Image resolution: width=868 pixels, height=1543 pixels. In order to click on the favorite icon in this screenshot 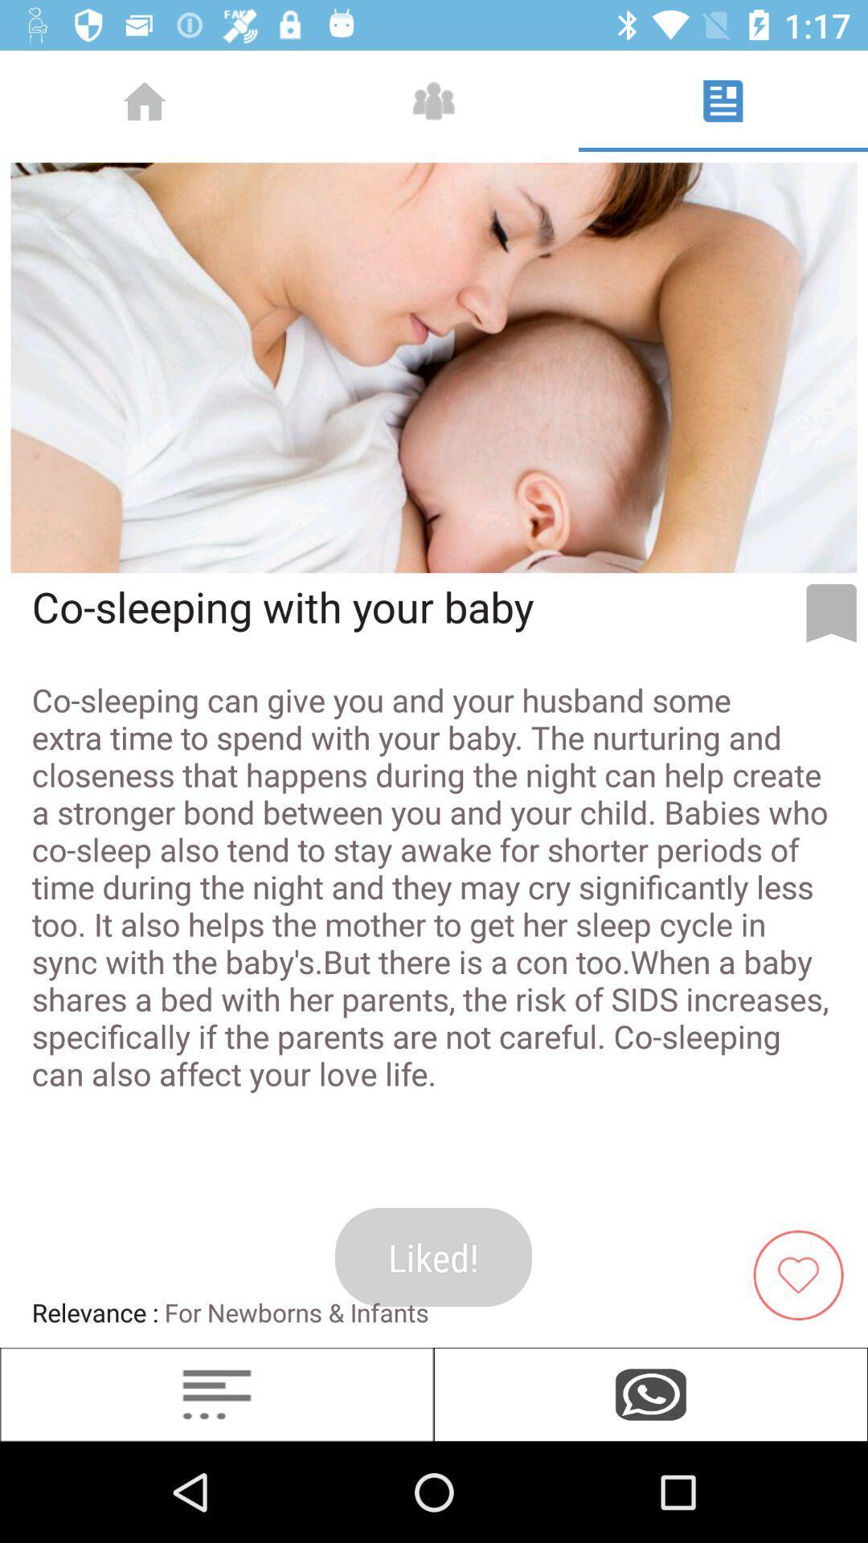, I will do `click(805, 1273)`.